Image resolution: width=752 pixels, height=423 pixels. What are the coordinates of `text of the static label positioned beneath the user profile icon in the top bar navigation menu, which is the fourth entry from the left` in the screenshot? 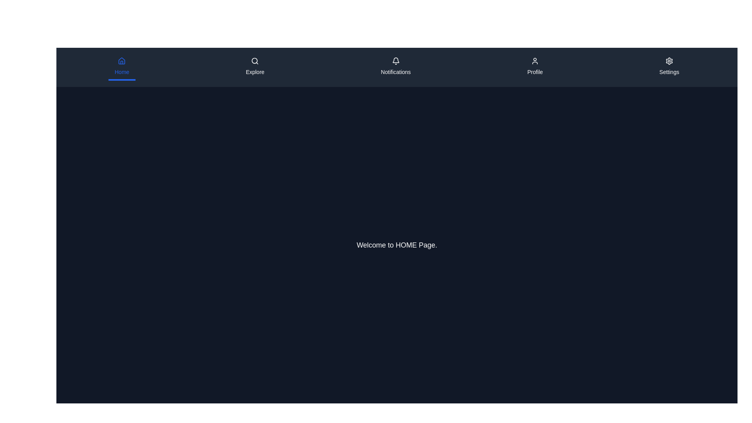 It's located at (535, 72).